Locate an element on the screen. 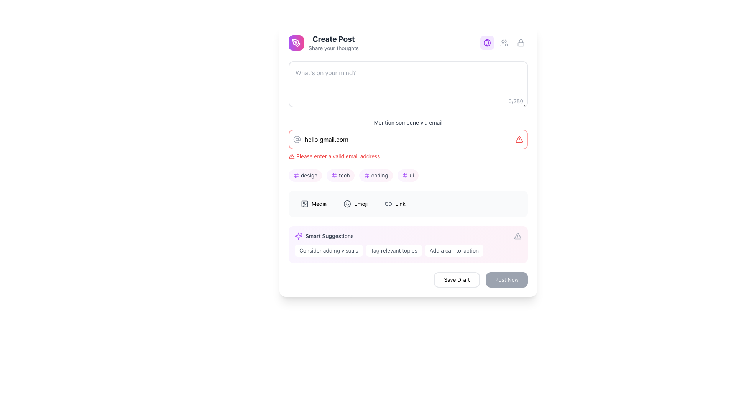  the circular gradient button with a pen tool icon located to the far left of the 'Create Post' section, adjacent to the text 'Create Post' is located at coordinates (296, 43).